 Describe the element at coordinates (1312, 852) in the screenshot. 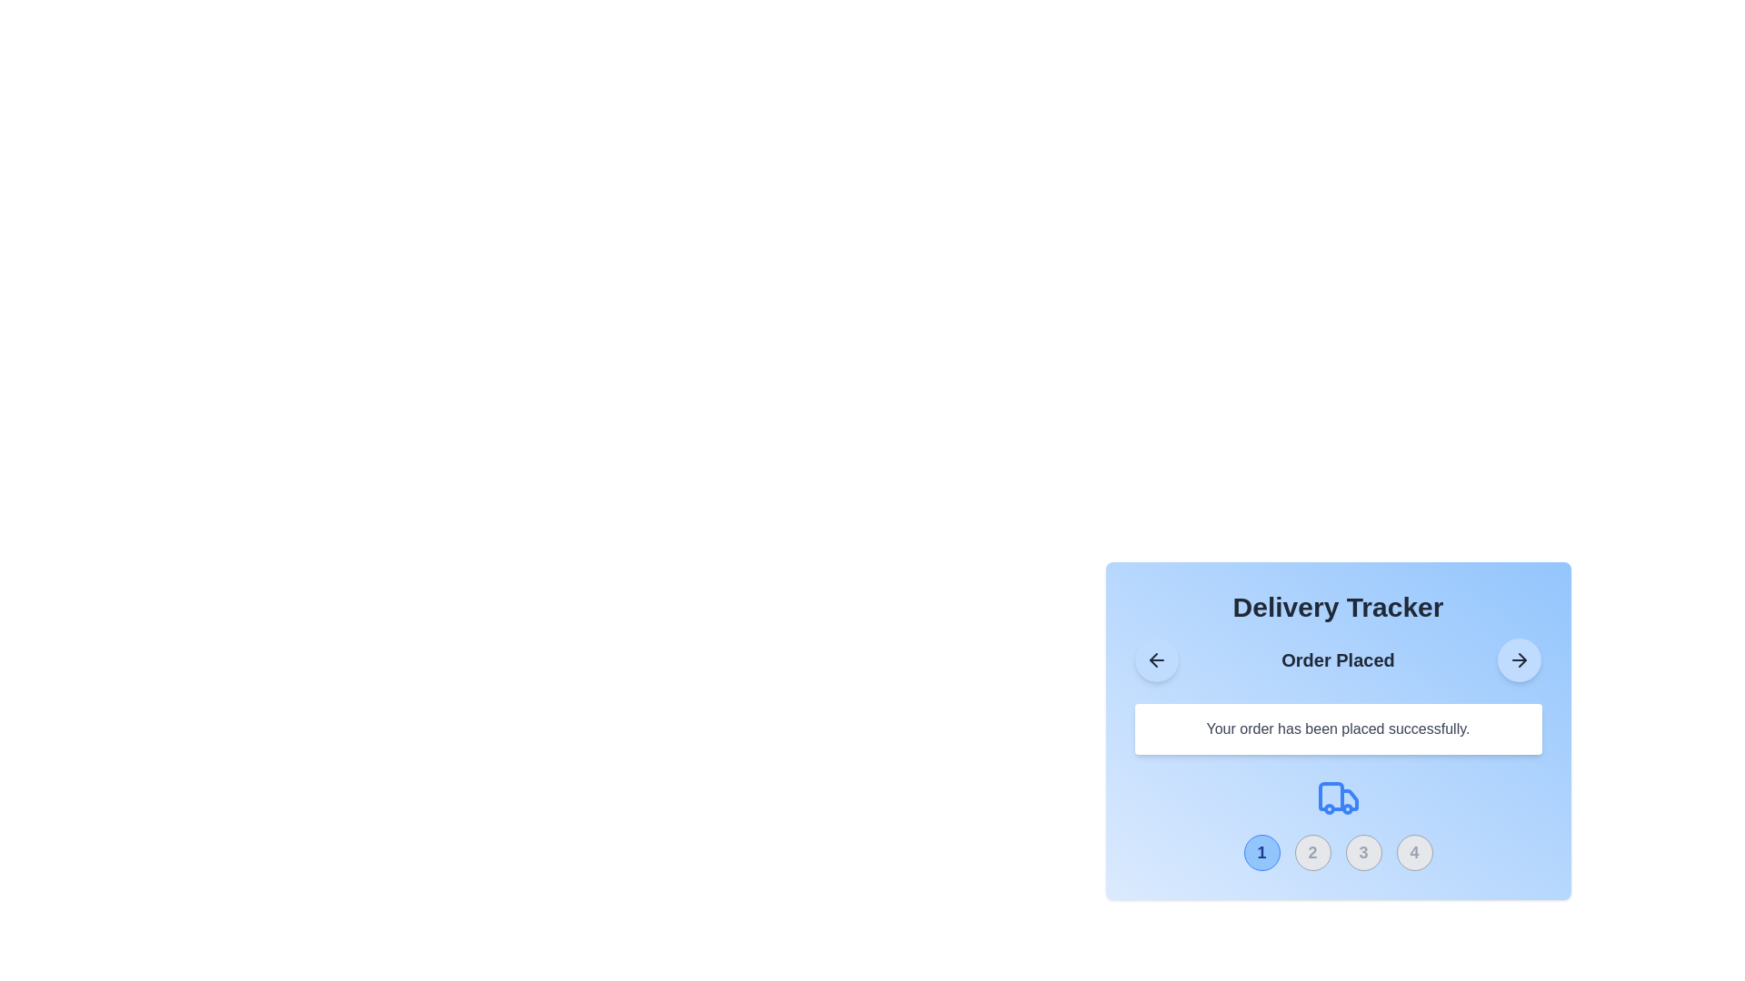

I see `the second button in the horizontal arrangement of four buttons, which indicates step '2' in the progress tracker` at that location.